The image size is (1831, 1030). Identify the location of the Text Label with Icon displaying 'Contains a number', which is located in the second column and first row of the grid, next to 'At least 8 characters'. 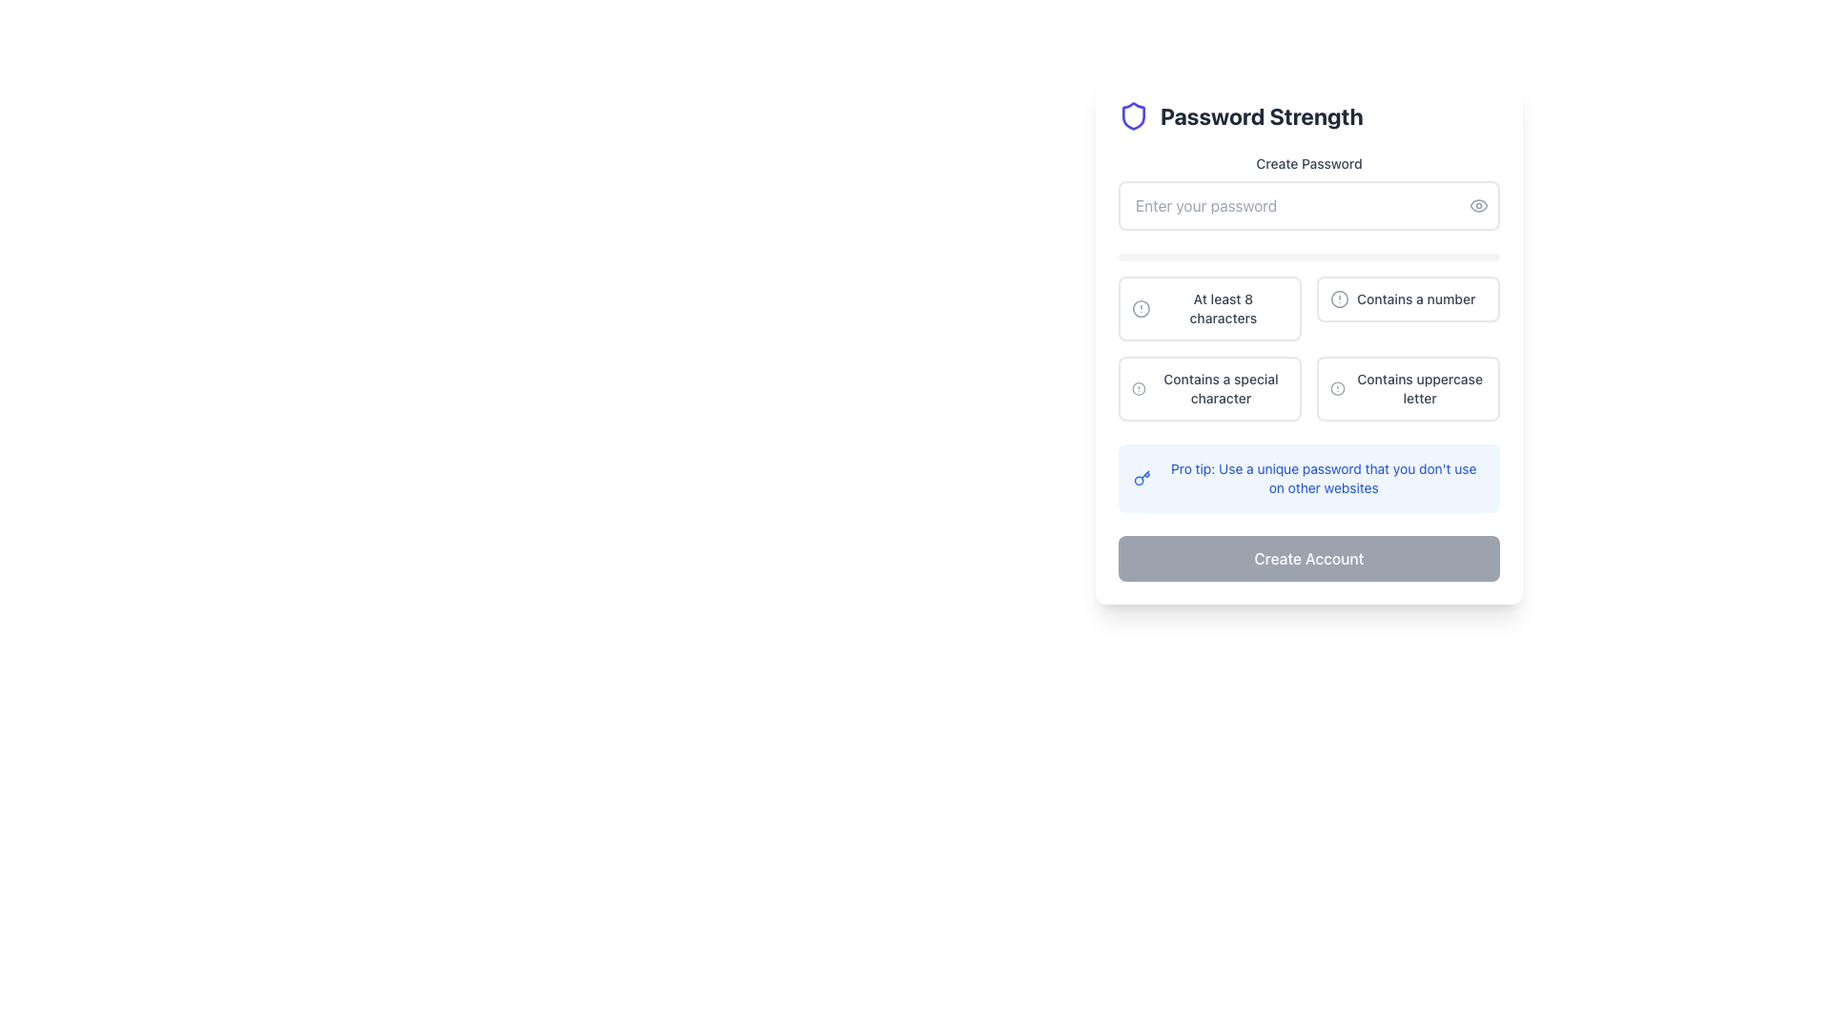
(1409, 308).